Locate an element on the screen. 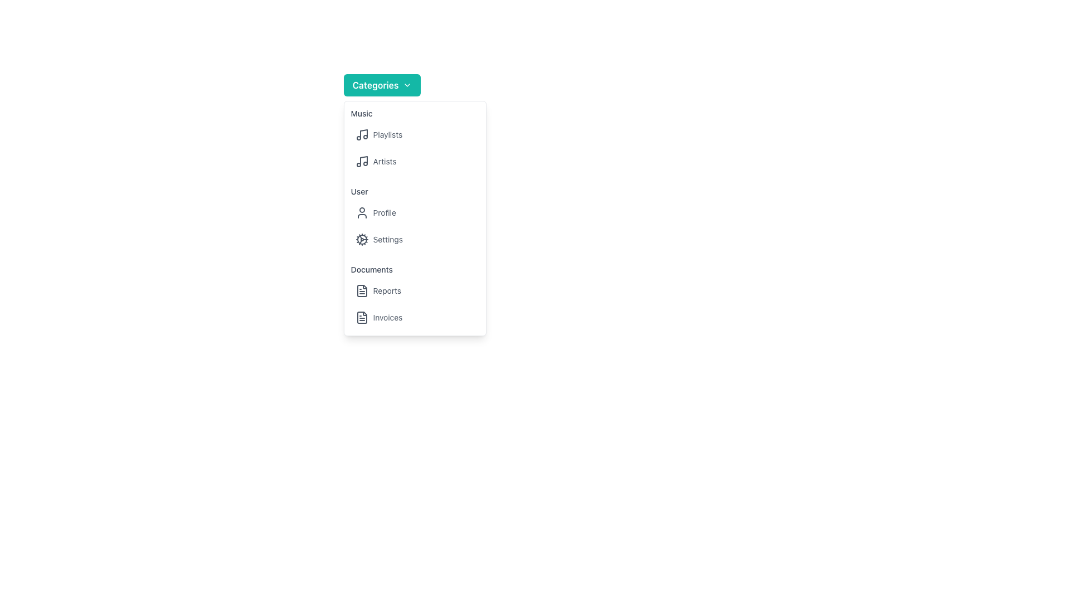 The image size is (1070, 602). the 'Playlists' icon located at the top of the 'Music' section, which is the first icon aligned to the left of the 'Playlists' label is located at coordinates (362, 134).